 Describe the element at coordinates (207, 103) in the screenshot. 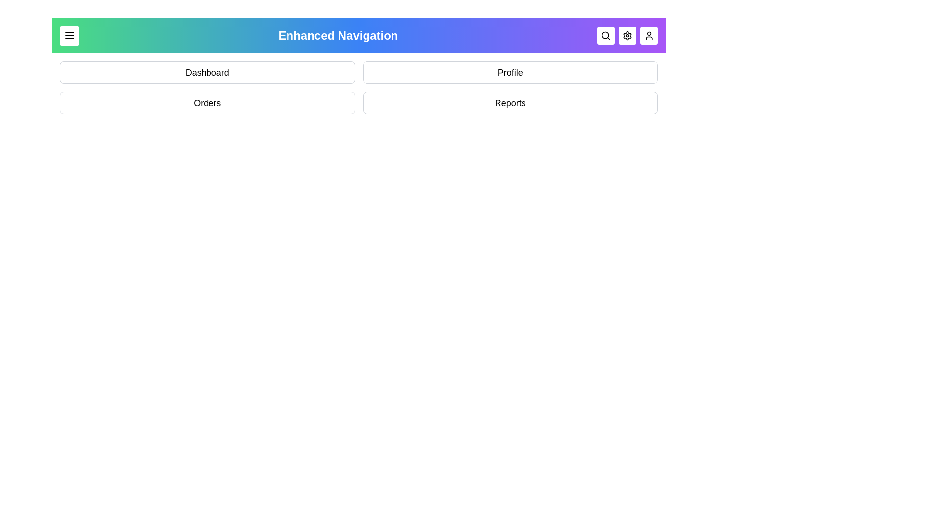

I see `the menu item Orders to observe the hover effect` at that location.